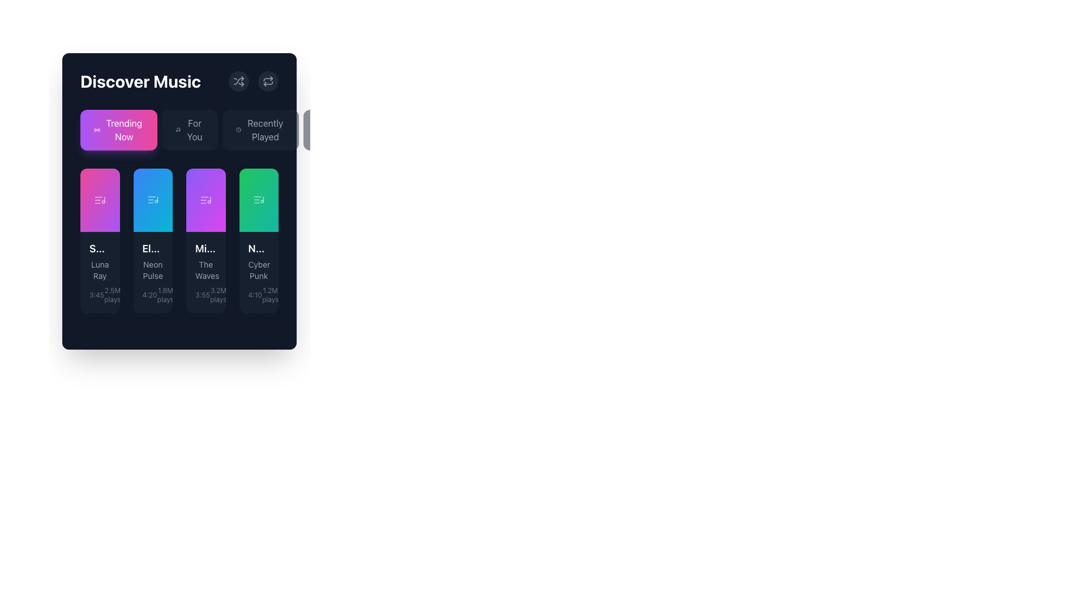  I want to click on text from the Text Label displaying the number of plays (1.2 million) for the music track 'Cyber Punk', located to the bottom right of the corresponding music item, so click(269, 294).